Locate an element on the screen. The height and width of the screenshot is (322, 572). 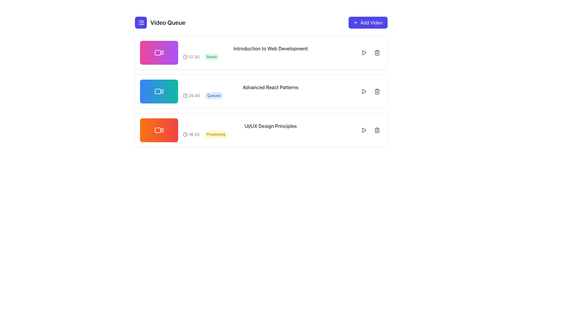
the clock icon, which is a small circular icon with two hands resembling a traditional analog clock, located to the left of the timestamp '18:20' in the third row of a vertical list of video entries is located at coordinates (185, 134).